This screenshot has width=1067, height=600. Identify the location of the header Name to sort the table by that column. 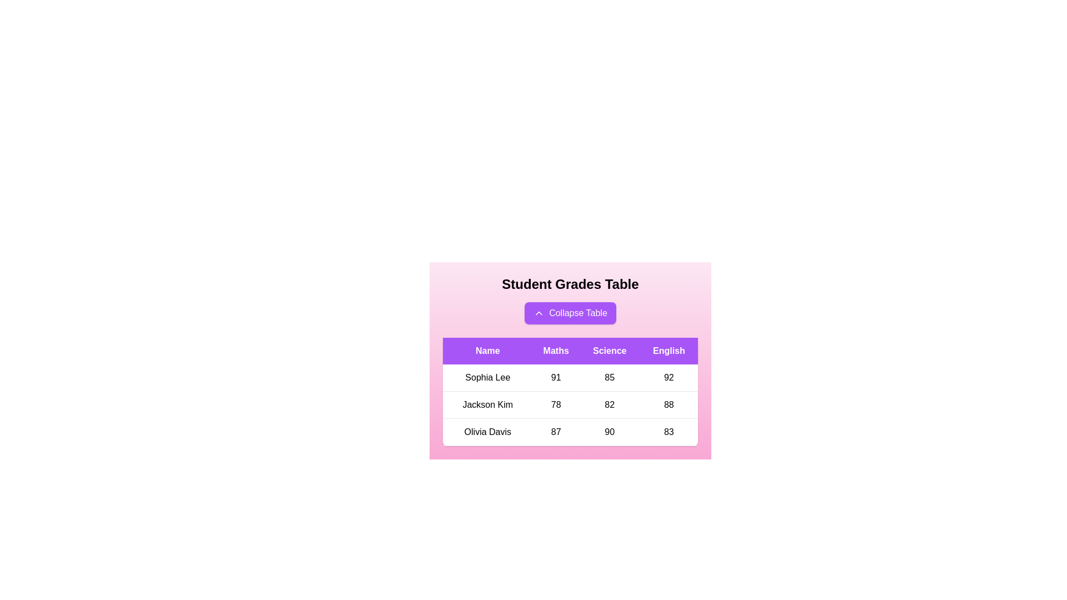
(487, 351).